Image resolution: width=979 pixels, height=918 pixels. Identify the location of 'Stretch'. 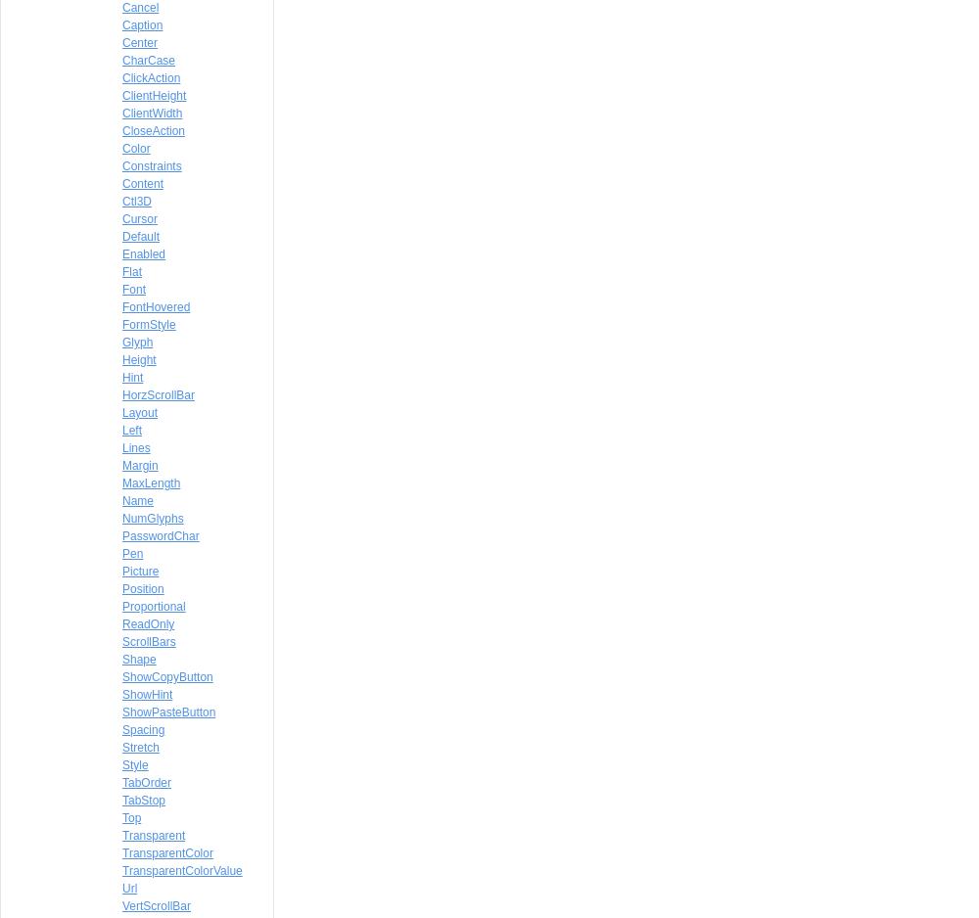
(141, 748).